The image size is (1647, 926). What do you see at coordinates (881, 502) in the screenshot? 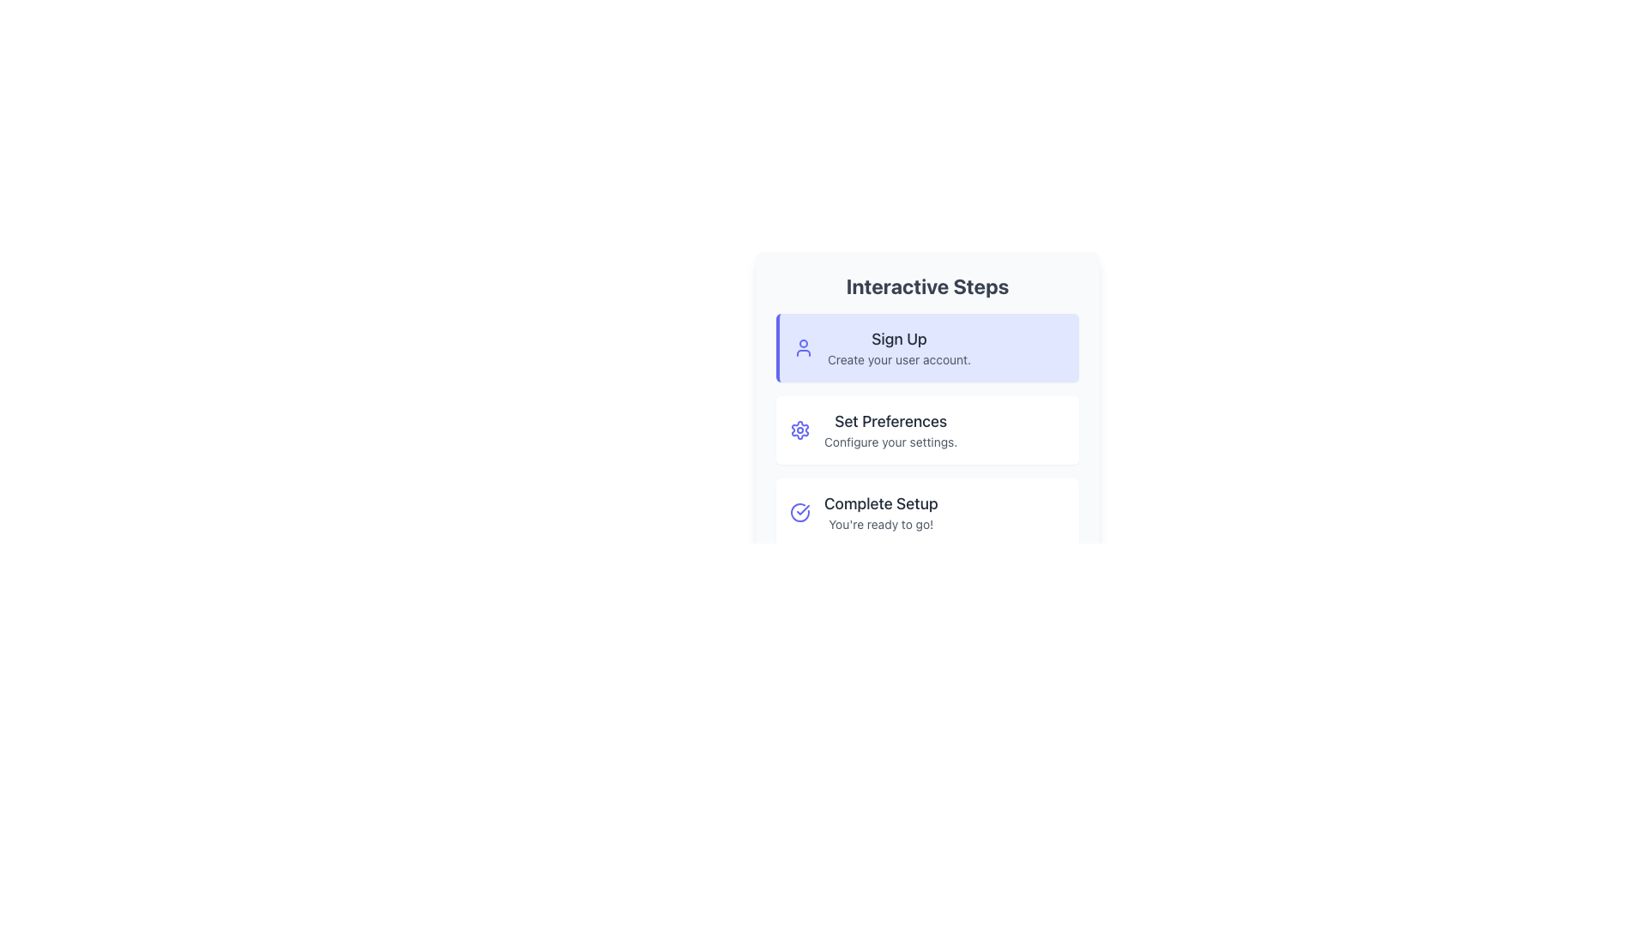
I see `the 'Complete Setup' text label displayed in bold, dark gray font, located above the text 'You're ready to go!' within the 'Interactive Steps' card` at bounding box center [881, 502].